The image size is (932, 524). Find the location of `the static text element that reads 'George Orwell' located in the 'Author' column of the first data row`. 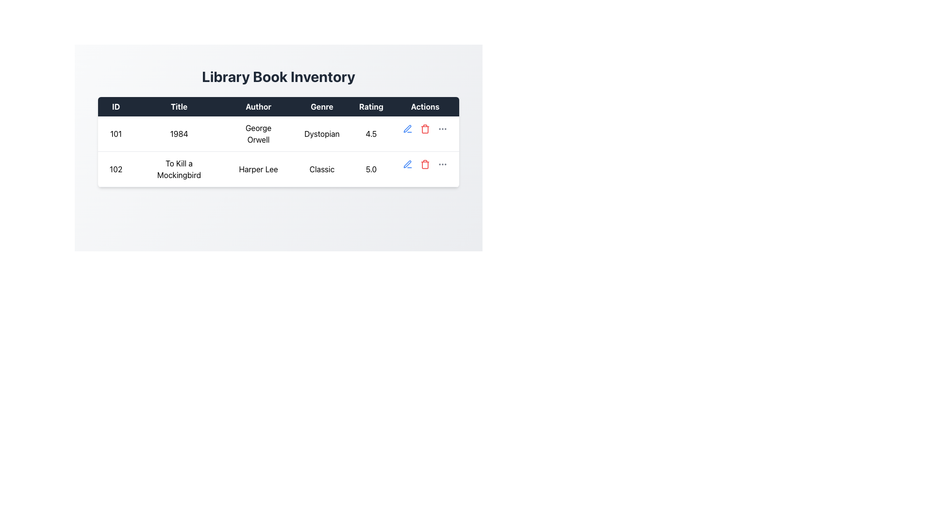

the static text element that reads 'George Orwell' located in the 'Author' column of the first data row is located at coordinates (258, 134).